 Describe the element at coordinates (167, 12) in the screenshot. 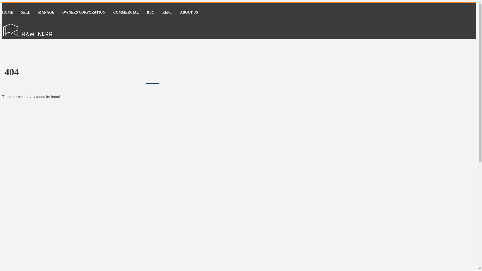

I see `'RENT'` at that location.